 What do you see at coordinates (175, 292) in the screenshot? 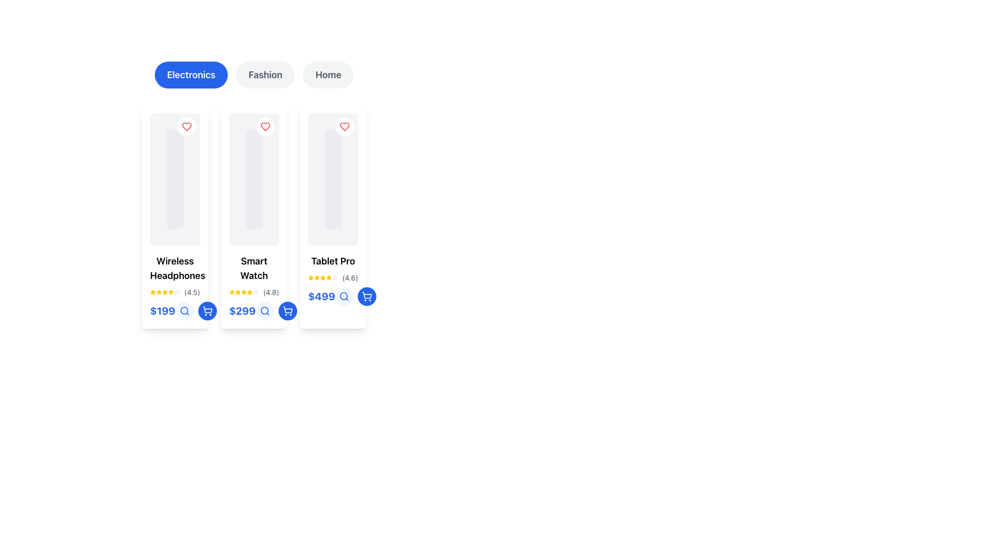
I see `the rating component displaying four filled yellow stars and the text '(4.5)' below 'Wireless Headphones' and above the price '$199'` at bounding box center [175, 292].